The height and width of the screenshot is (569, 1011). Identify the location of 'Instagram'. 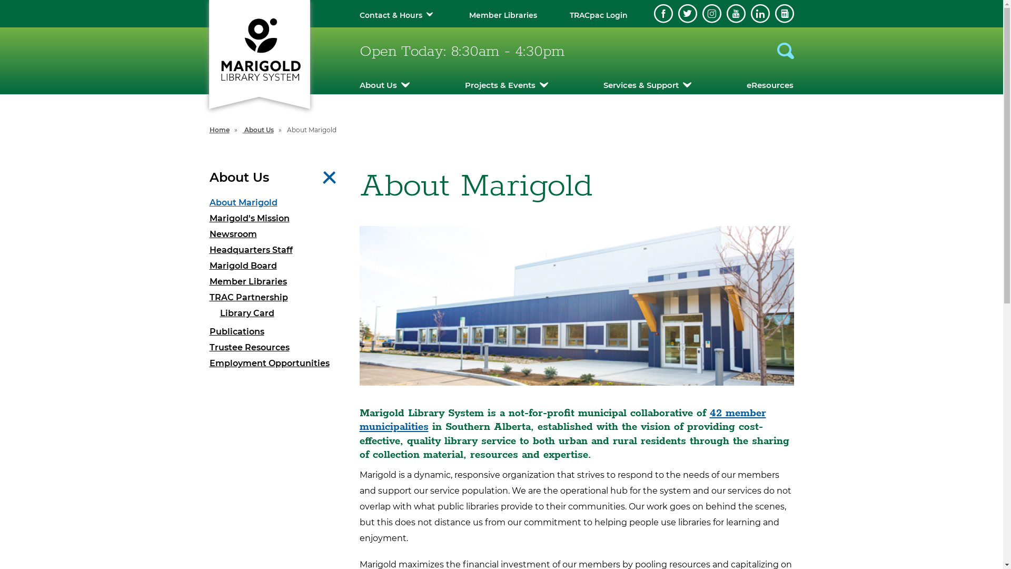
(702, 14).